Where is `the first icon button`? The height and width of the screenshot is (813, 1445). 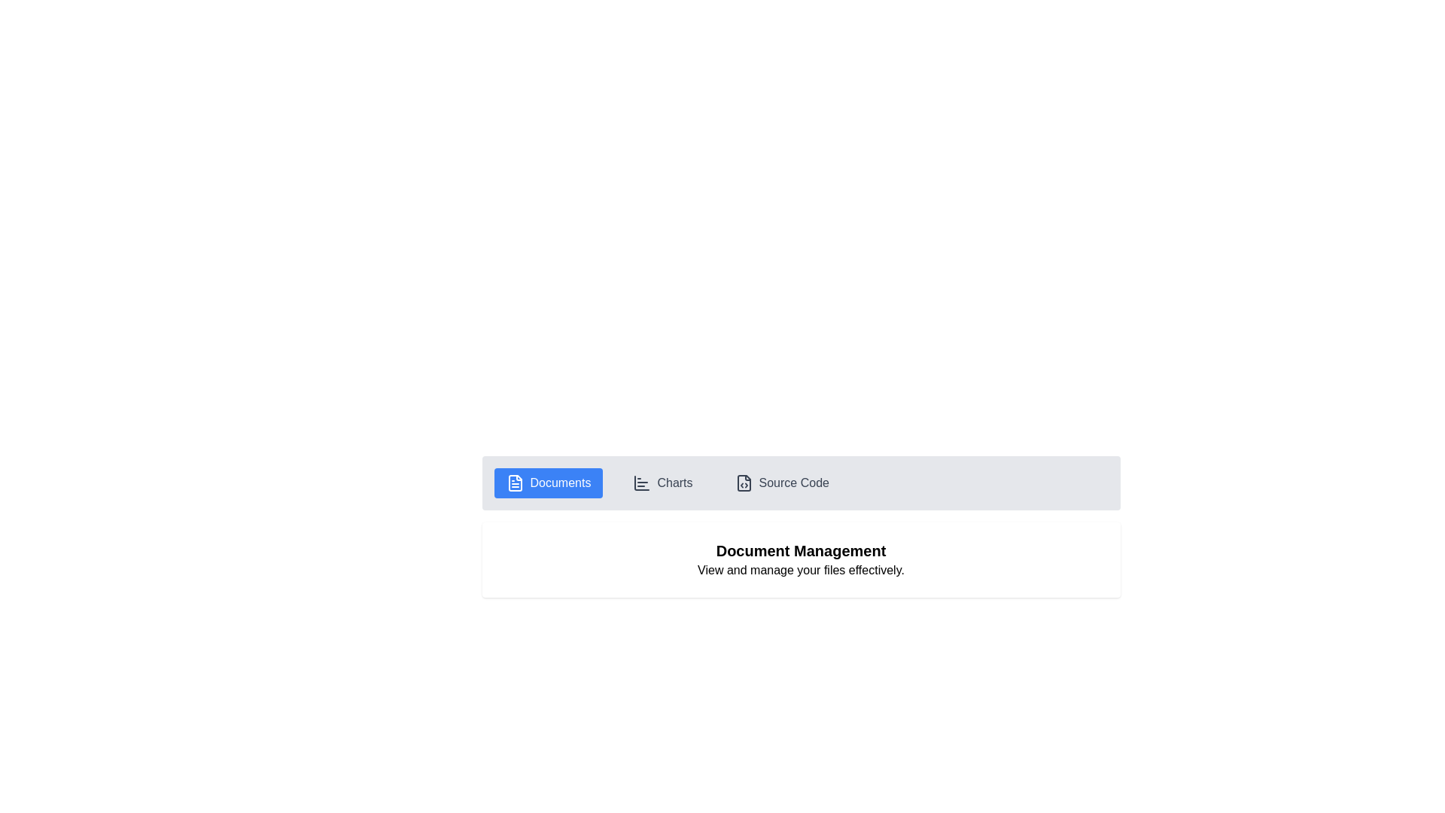 the first icon button is located at coordinates (515, 483).